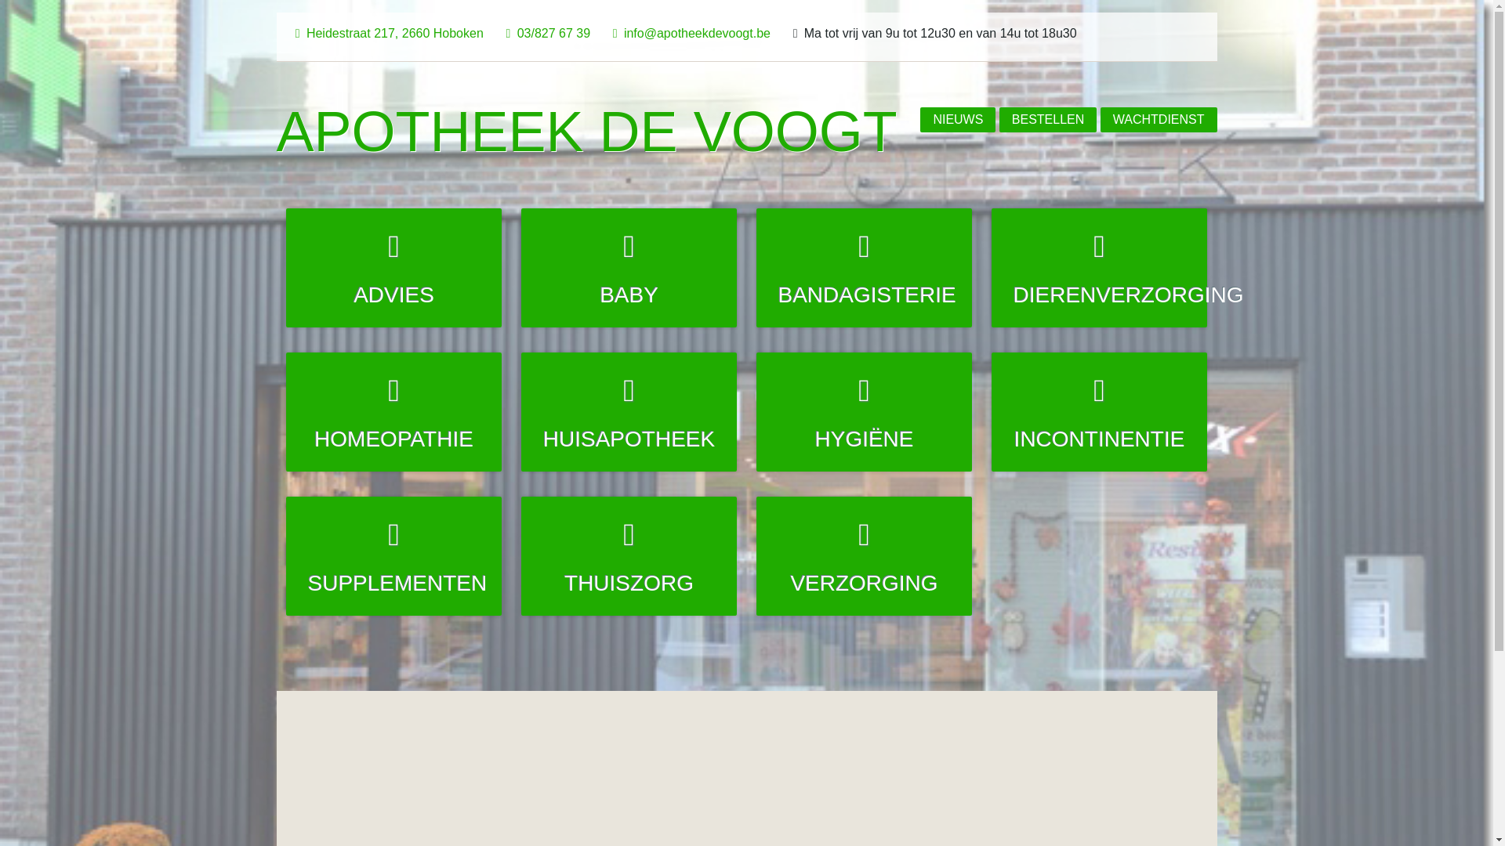 This screenshot has width=1505, height=846. Describe the element at coordinates (863, 267) in the screenshot. I see `'BANDAGISTERIE'` at that location.